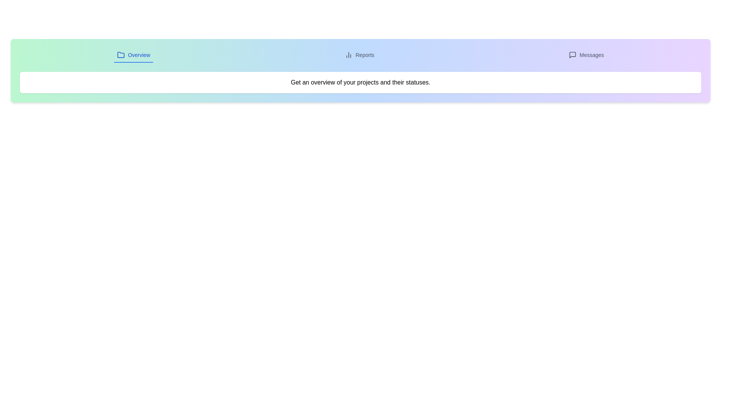  I want to click on the Overview tab, so click(134, 55).